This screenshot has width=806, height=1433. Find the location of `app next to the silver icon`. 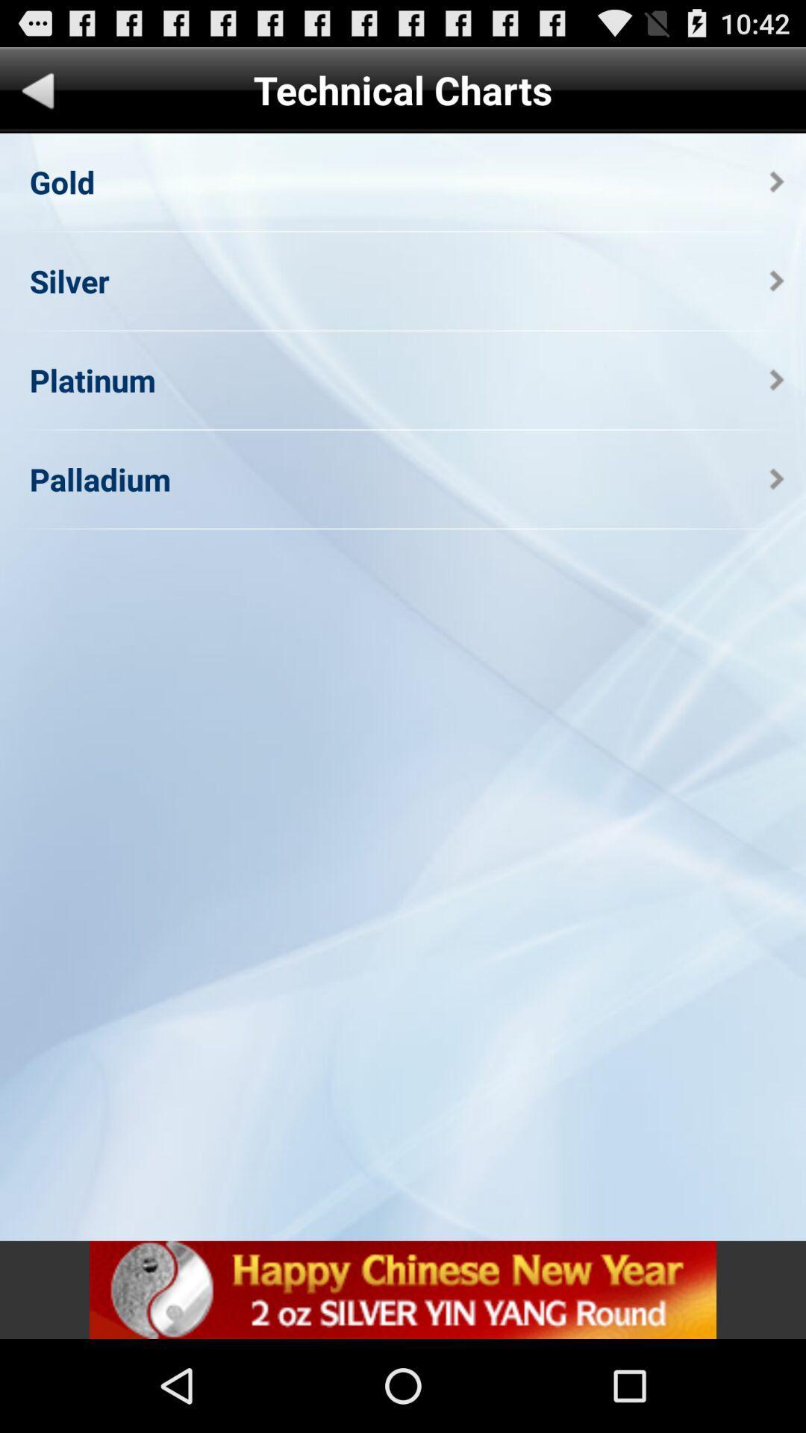

app next to the silver icon is located at coordinates (776, 281).